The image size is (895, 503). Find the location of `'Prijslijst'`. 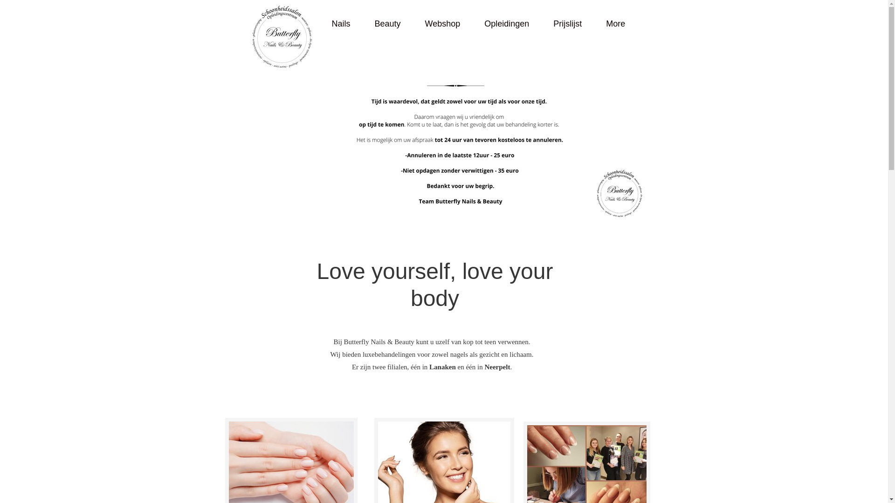

'Prijslijst' is located at coordinates (541, 23).